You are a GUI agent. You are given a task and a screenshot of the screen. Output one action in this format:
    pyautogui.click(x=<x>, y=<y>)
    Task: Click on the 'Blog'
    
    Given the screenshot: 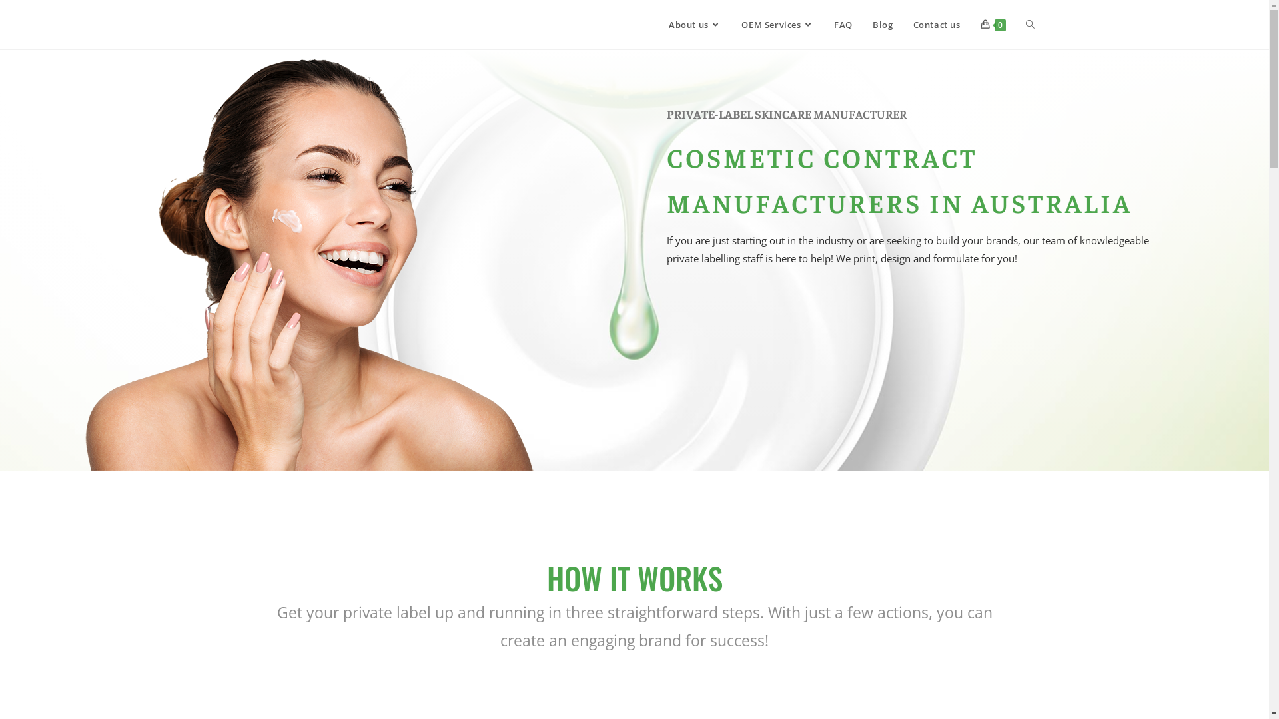 What is the action you would take?
    pyautogui.click(x=882, y=25)
    